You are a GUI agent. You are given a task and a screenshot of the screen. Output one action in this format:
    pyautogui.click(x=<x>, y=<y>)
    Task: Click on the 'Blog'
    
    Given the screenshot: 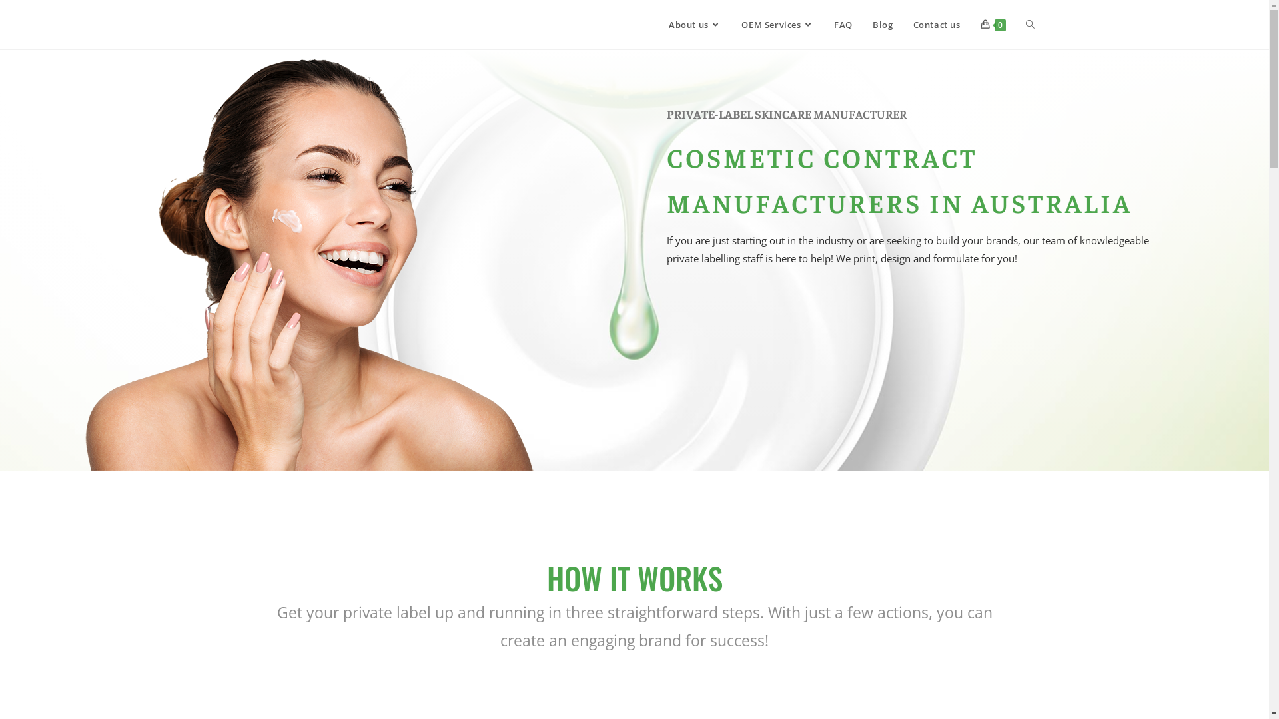 What is the action you would take?
    pyautogui.click(x=882, y=25)
    